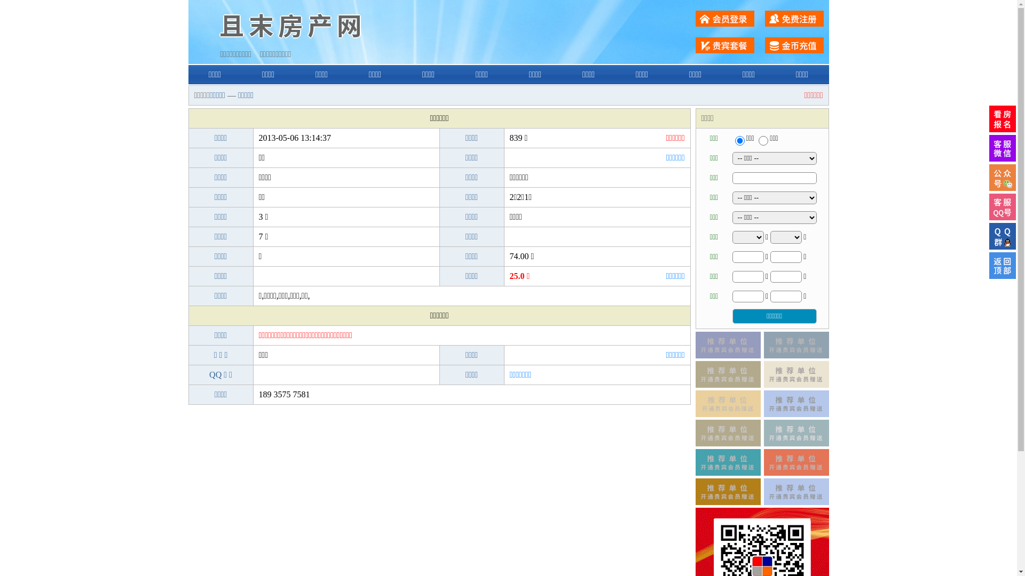  Describe the element at coordinates (734, 140) in the screenshot. I see `'ershou'` at that location.